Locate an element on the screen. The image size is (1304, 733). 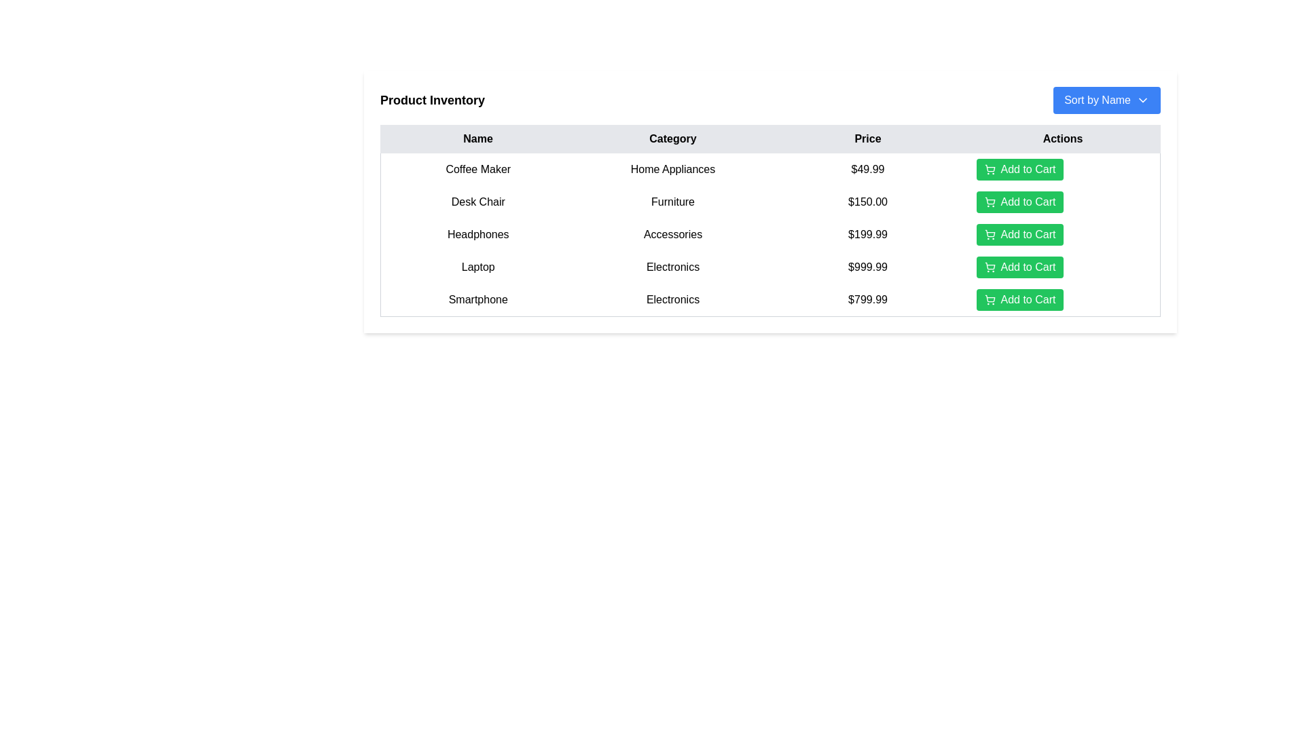
the text label displaying 'Desk Chair' is located at coordinates (478, 202).